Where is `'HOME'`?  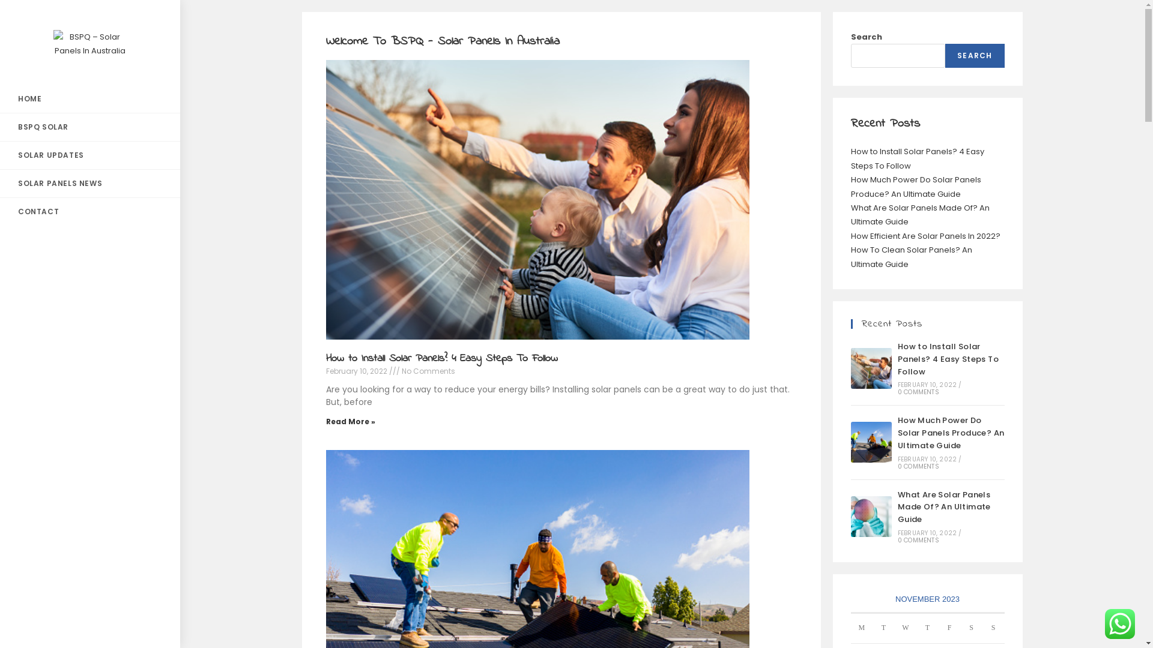 'HOME' is located at coordinates (89, 98).